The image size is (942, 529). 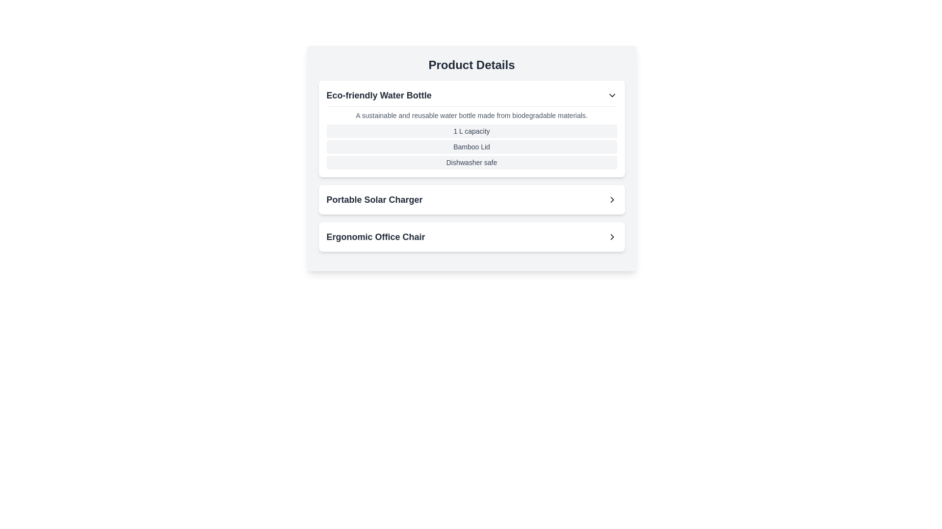 What do you see at coordinates (471, 162) in the screenshot?
I see `the text label indicating that the product is dishwasher safe, located in the Eco-friendly Water Bottle section, which is the third element in a vertical list` at bounding box center [471, 162].